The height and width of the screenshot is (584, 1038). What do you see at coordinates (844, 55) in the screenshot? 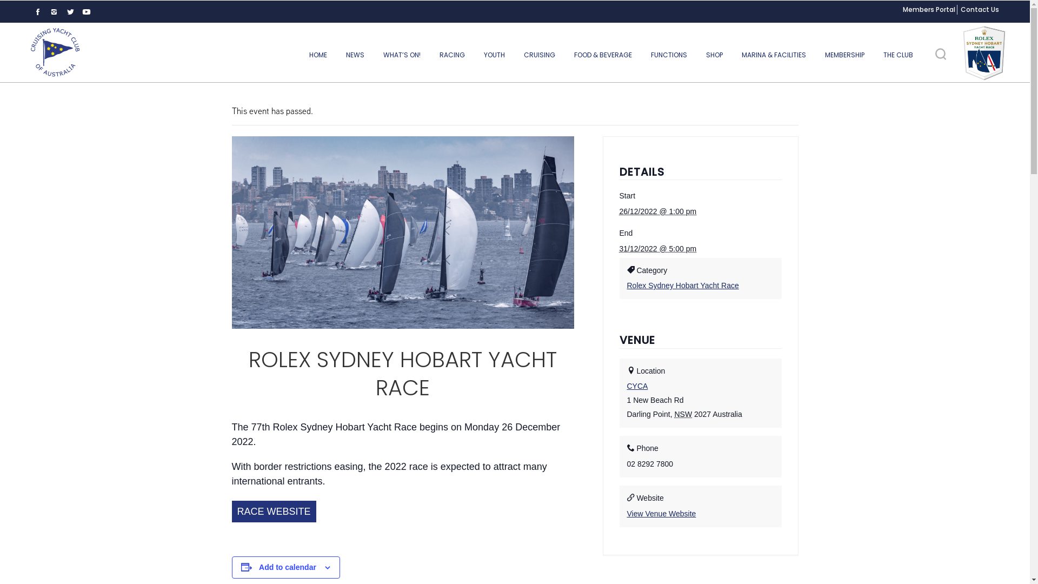
I see `'MEMBERSHIP'` at bounding box center [844, 55].